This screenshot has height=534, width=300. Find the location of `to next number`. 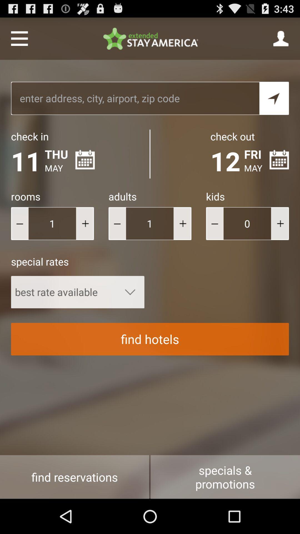

to next number is located at coordinates (85, 223).